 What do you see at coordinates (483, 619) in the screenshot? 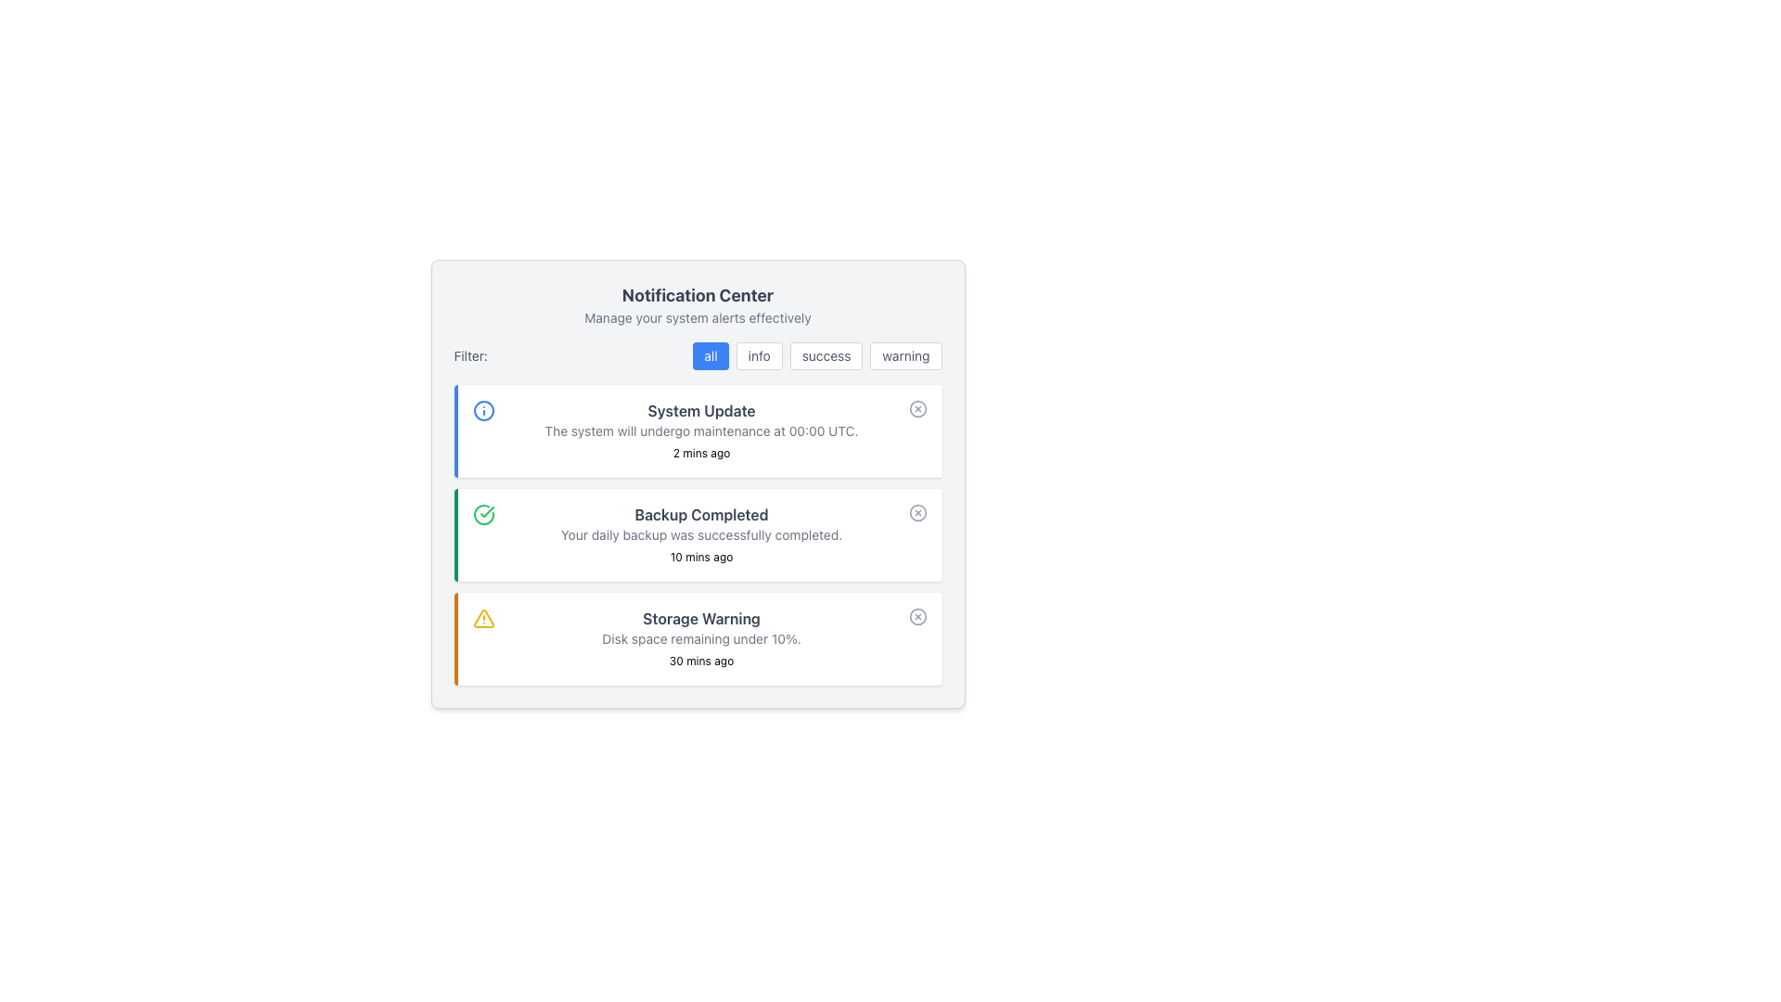
I see `the cautionary icon located at the leftmost part of the 'Storage Warning' notification card, which visually alerts users about an important message regarding disk space` at bounding box center [483, 619].